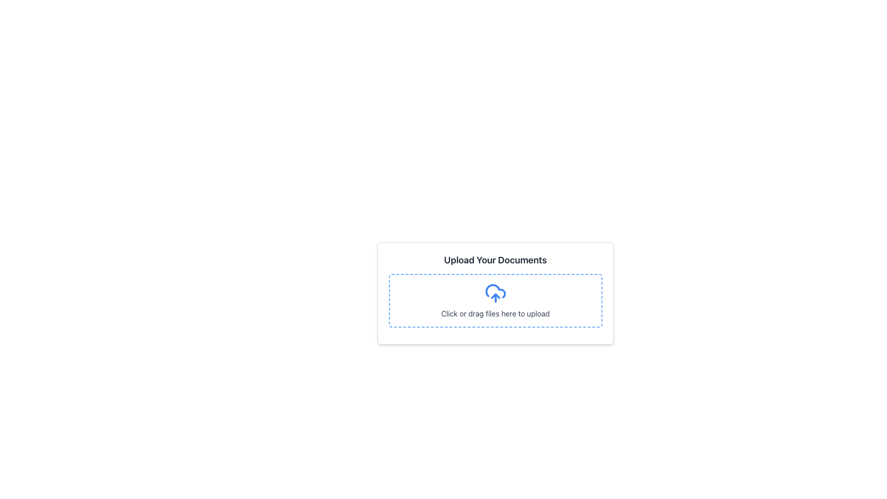 Image resolution: width=887 pixels, height=499 pixels. I want to click on the cloud-shaped icon representing cloud upload functionality, so click(495, 291).